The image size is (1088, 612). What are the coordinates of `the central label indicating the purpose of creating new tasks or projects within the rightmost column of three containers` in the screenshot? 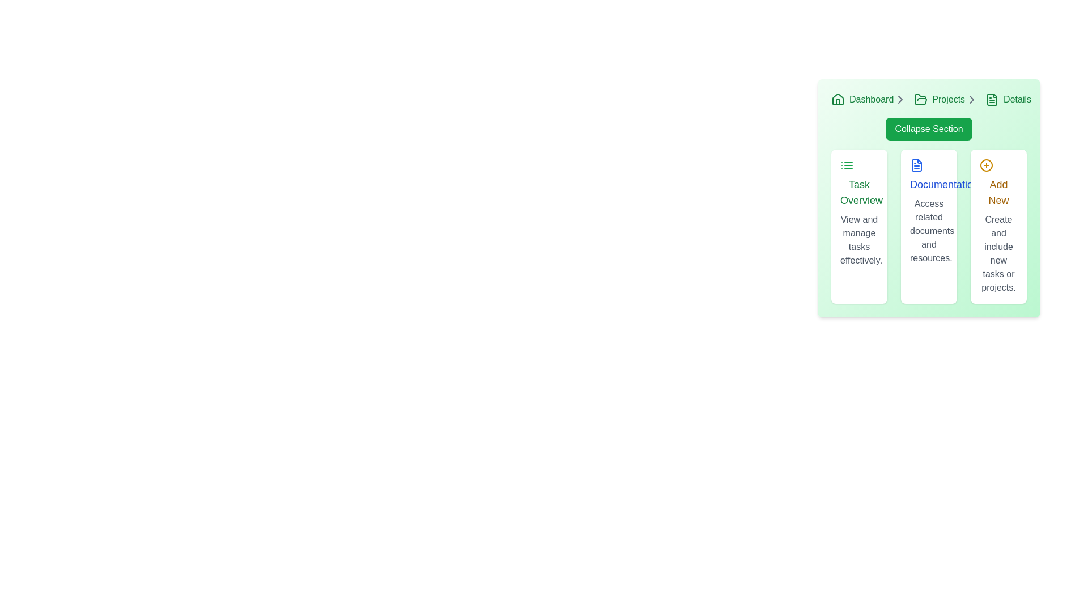 It's located at (998, 192).